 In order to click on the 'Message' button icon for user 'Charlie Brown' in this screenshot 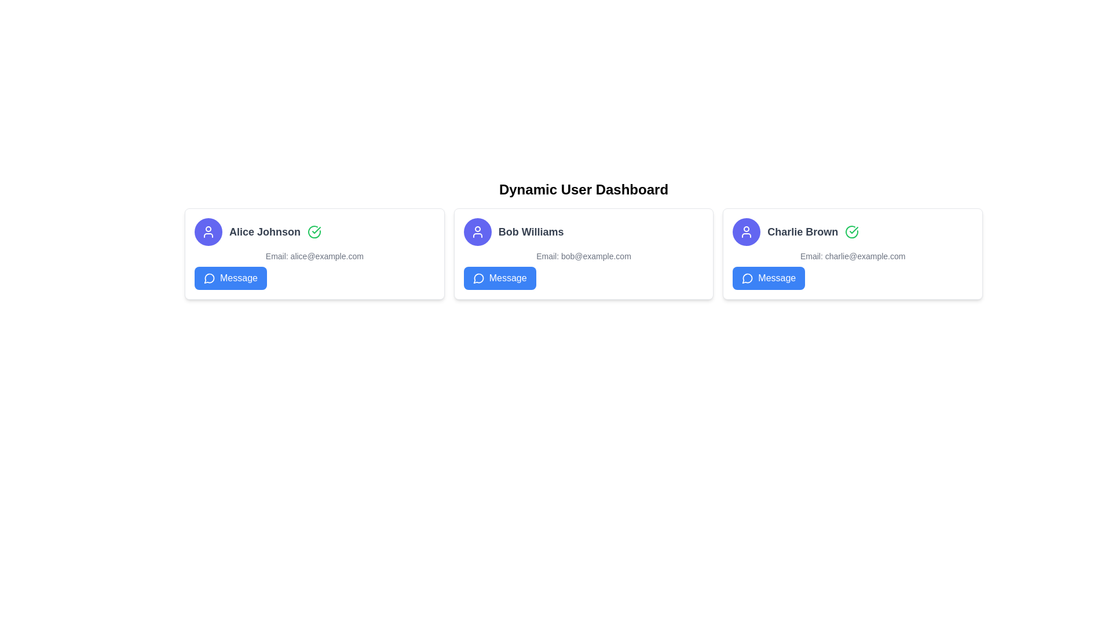, I will do `click(747, 278)`.